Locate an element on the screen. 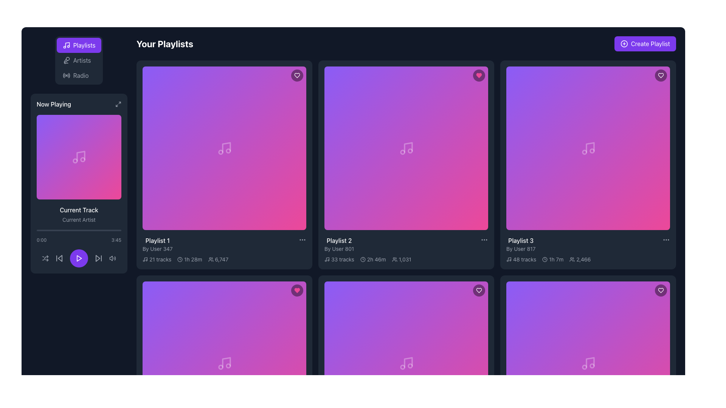  the small circular icon within the music note graphic located in the bottom-right of the playlist card is located at coordinates (584, 366).